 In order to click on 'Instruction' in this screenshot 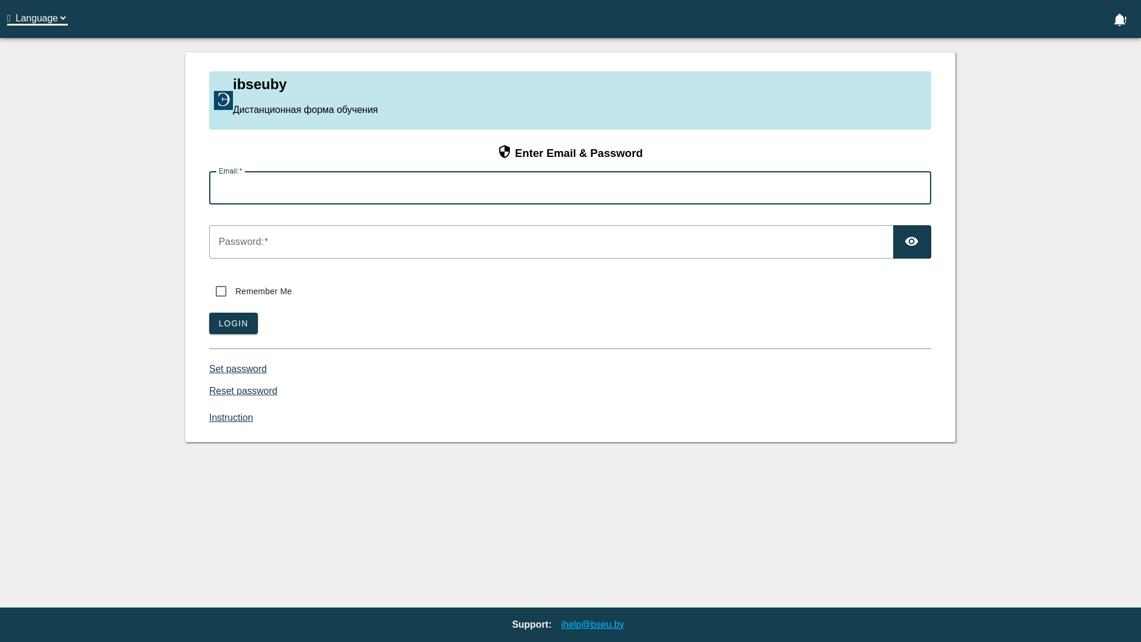, I will do `click(231, 417)`.